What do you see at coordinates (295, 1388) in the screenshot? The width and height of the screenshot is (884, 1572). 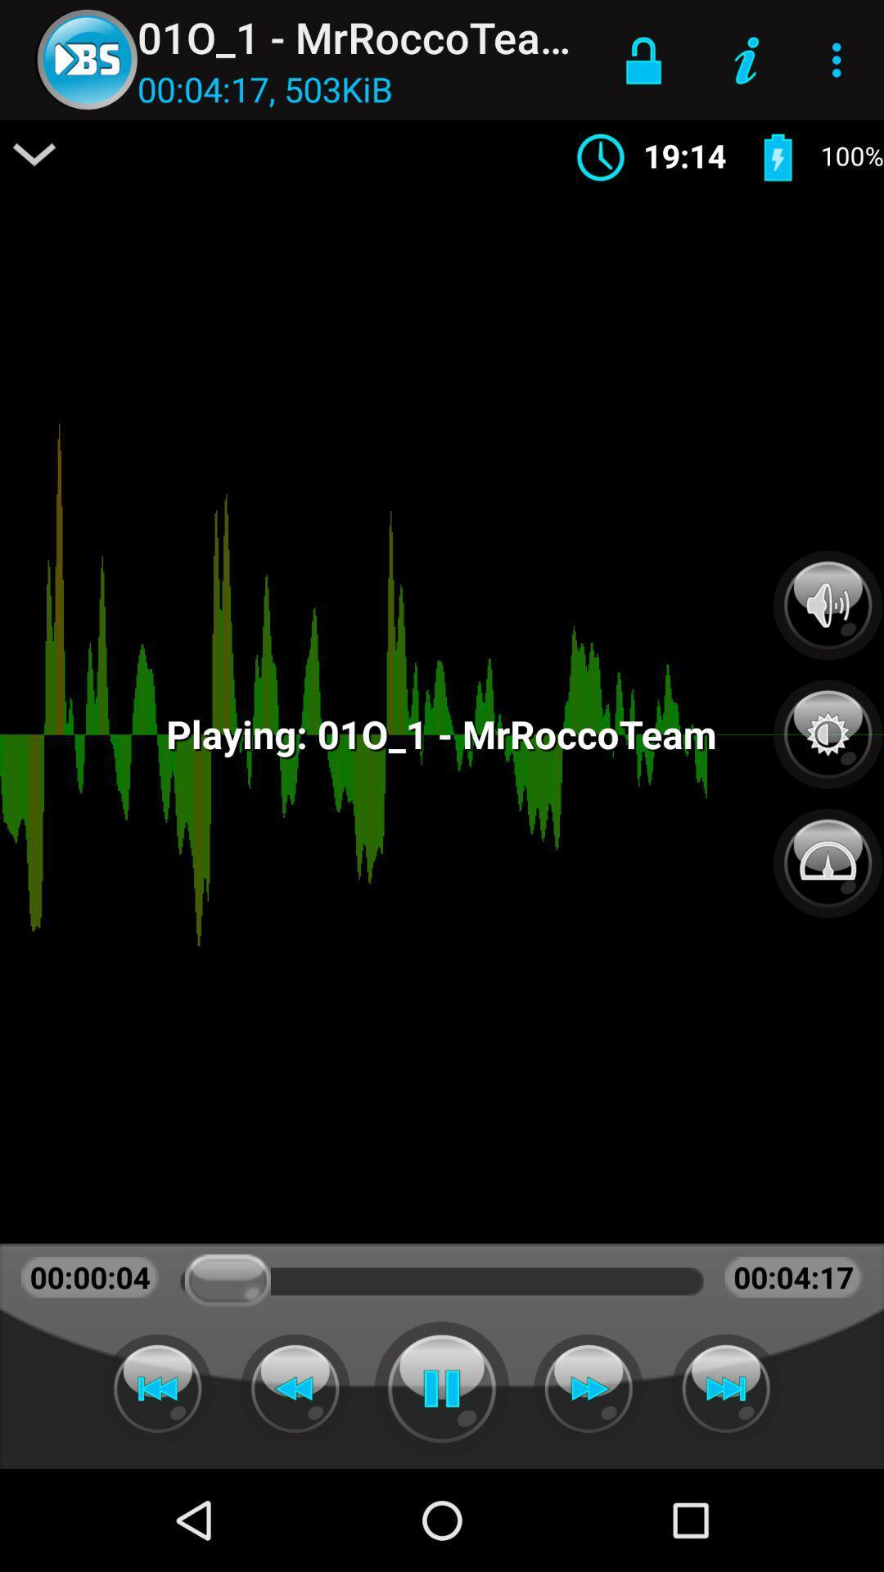 I see `the av_rewind icon` at bounding box center [295, 1388].